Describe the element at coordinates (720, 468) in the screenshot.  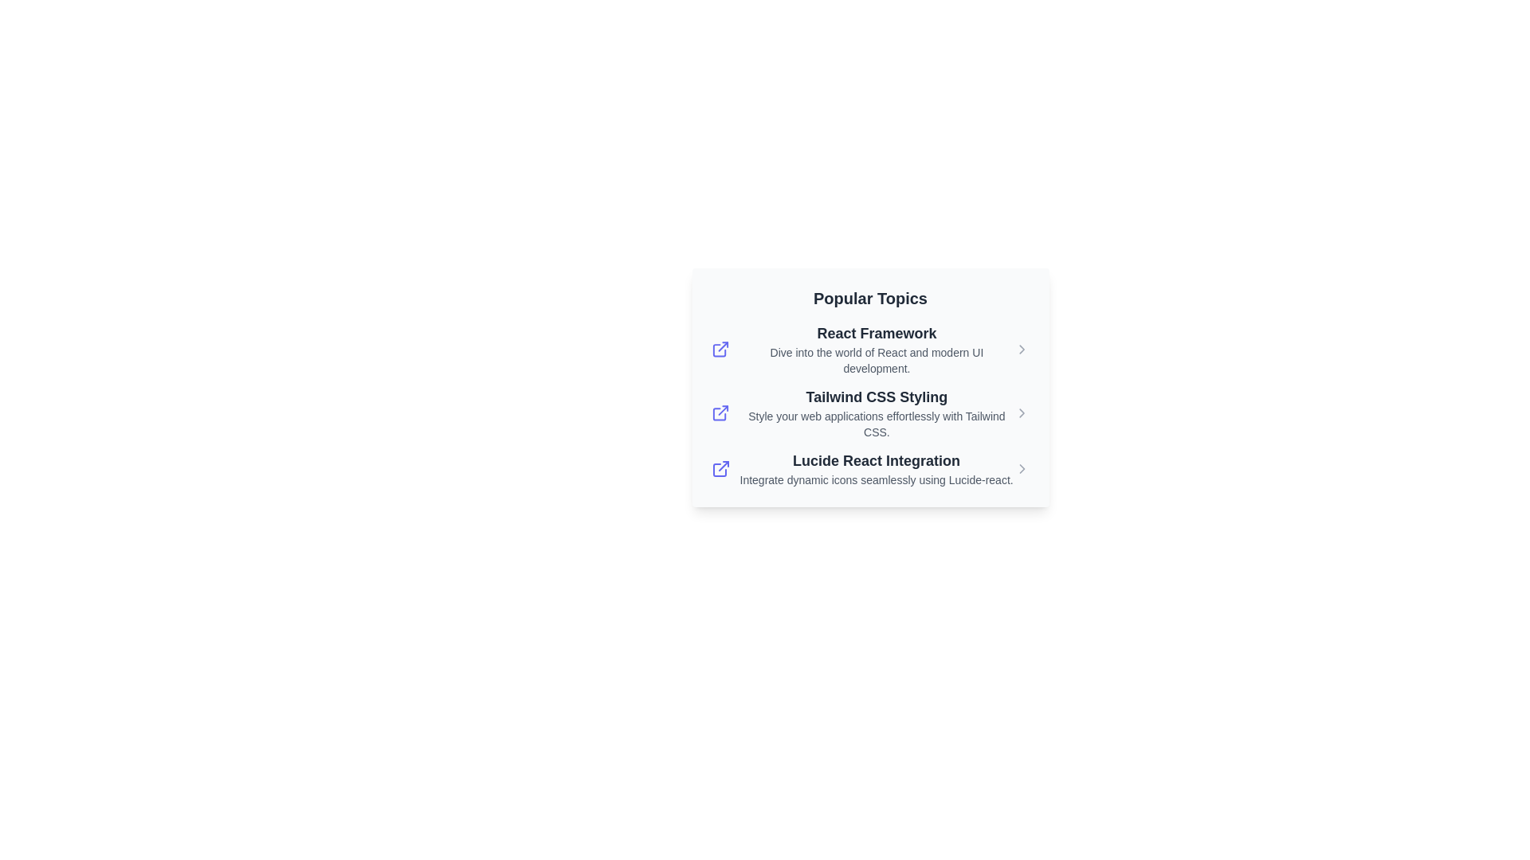
I see `the external resource icon next to the 'Lucide React Integration' text to follow the link` at that location.